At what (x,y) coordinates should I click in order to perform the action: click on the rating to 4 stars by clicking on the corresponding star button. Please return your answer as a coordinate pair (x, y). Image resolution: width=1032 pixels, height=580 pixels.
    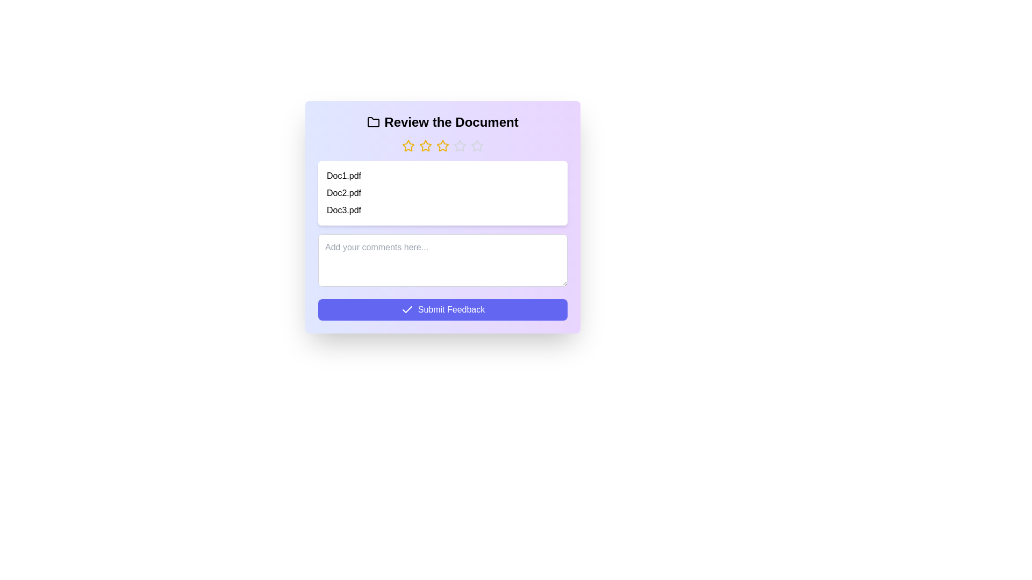
    Looking at the image, I should click on (460, 146).